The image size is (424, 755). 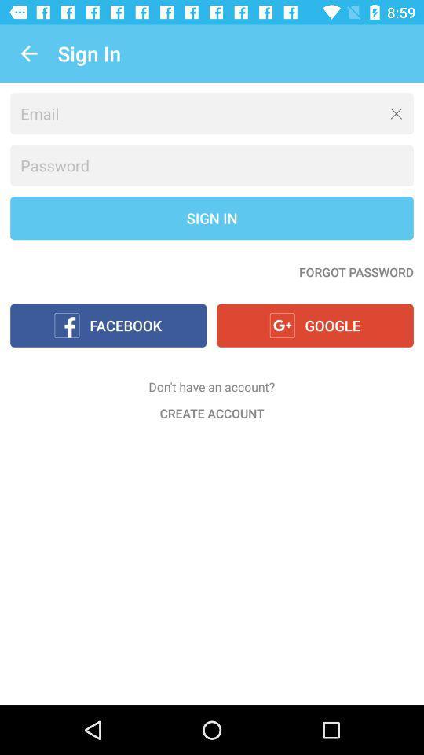 What do you see at coordinates (356, 271) in the screenshot?
I see `the item above the google item` at bounding box center [356, 271].